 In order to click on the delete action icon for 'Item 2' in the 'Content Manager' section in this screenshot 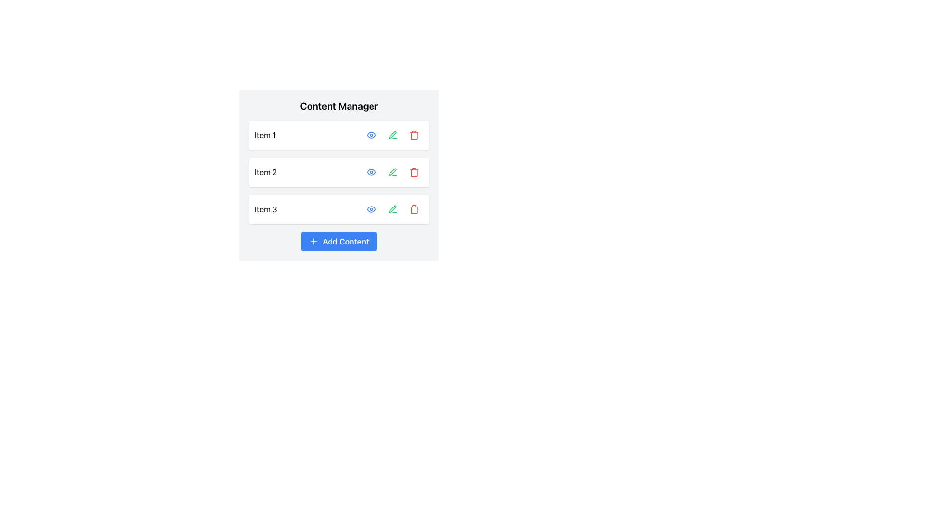, I will do `click(414, 172)`.